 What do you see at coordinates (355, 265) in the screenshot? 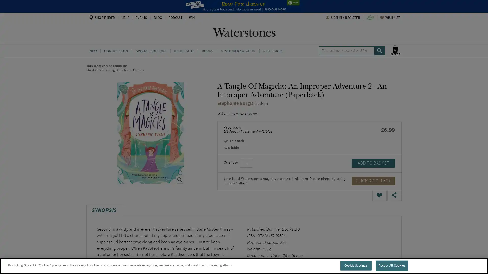
I see `Cookie Settings` at bounding box center [355, 265].